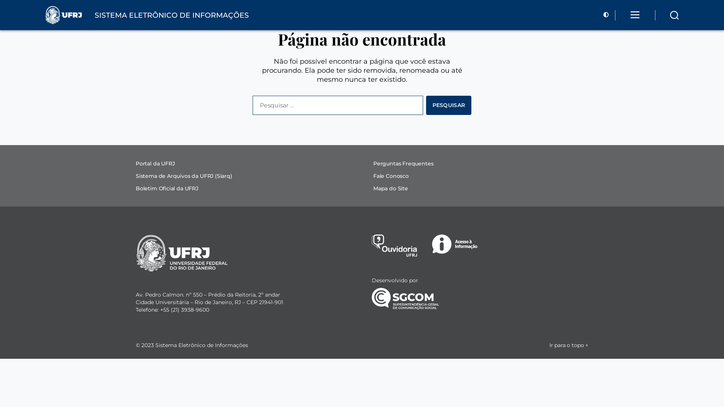  I want to click on 'Perguntas Frequentes', so click(403, 163).